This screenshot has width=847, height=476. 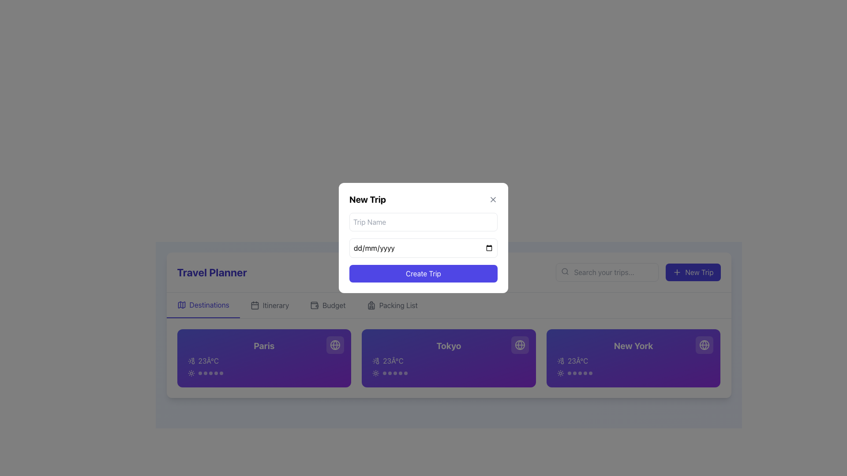 What do you see at coordinates (335, 345) in the screenshot?
I see `the small, square button with a globe icon located at the top-right corner of the card displaying 'Paris 23°C'` at bounding box center [335, 345].